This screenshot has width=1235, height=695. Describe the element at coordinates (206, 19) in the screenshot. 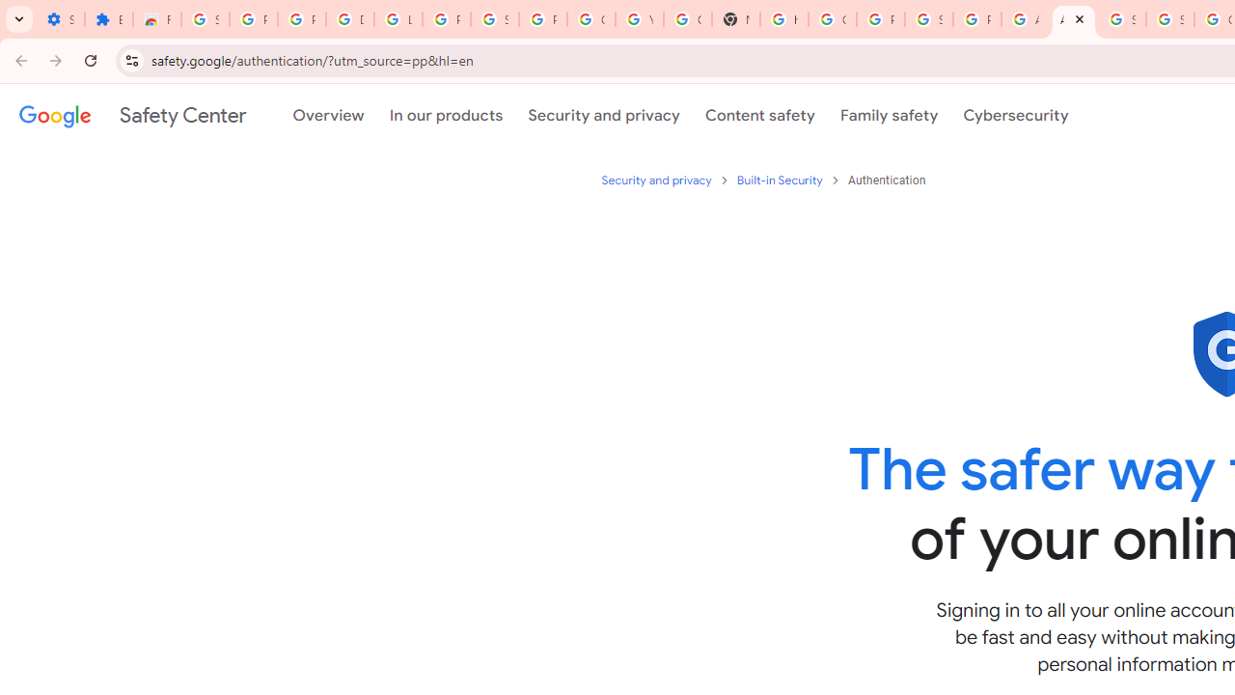

I see `'Sign in - Google Accounts'` at that location.